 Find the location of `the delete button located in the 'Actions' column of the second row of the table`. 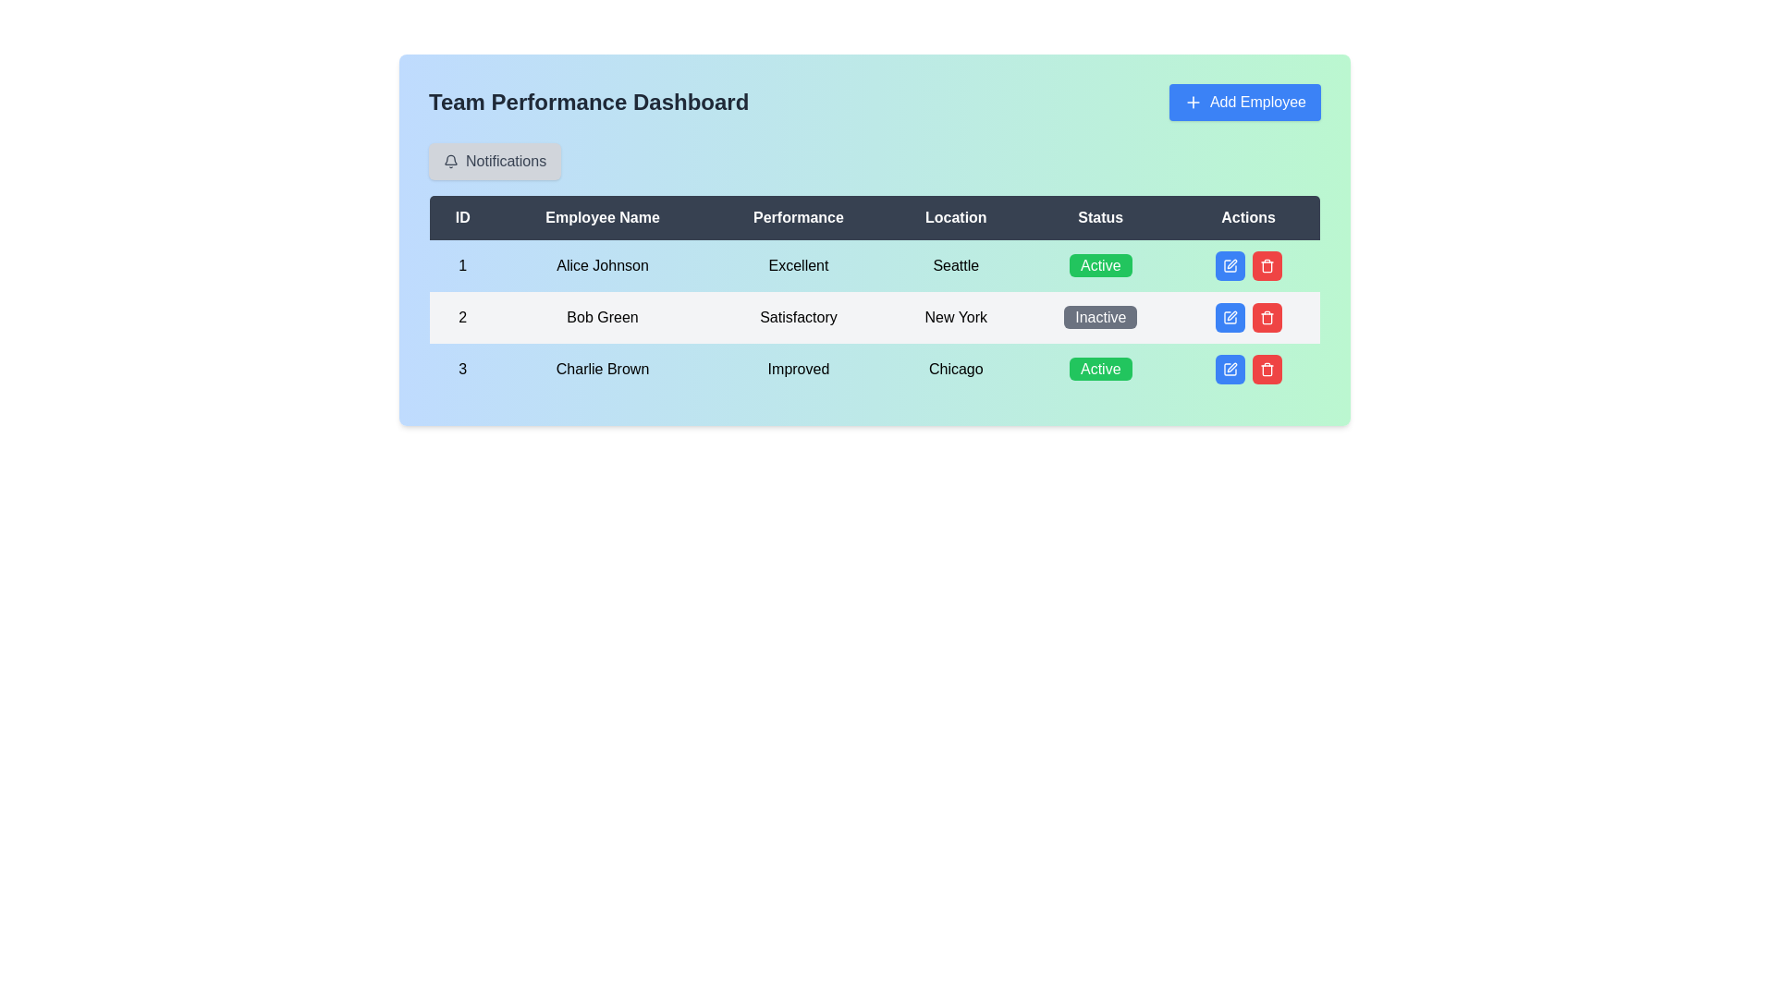

the delete button located in the 'Actions' column of the second row of the table is located at coordinates (1265, 266).